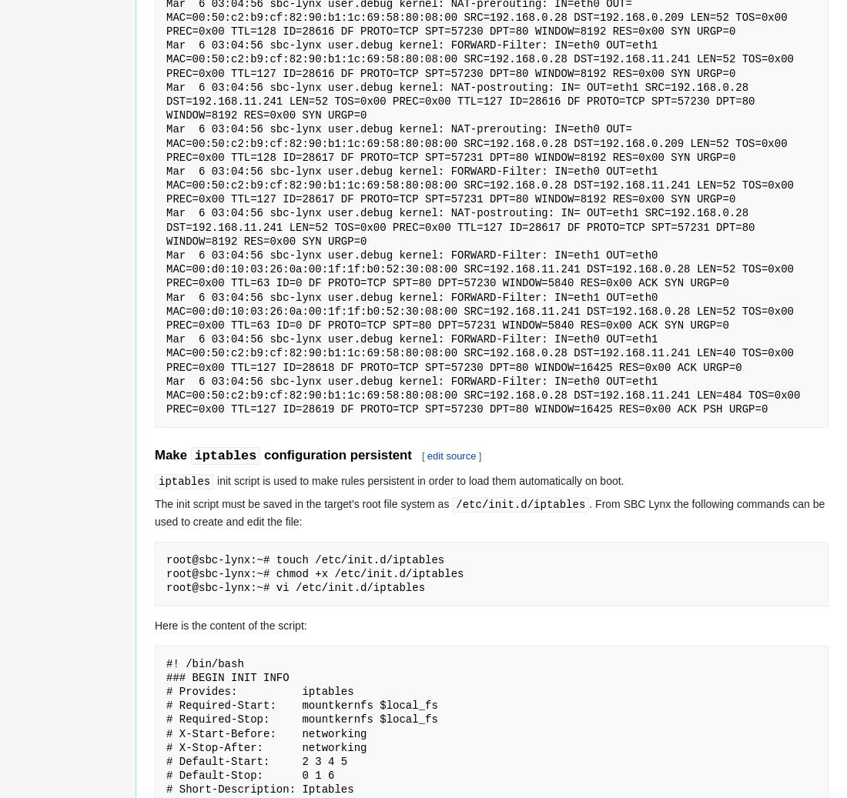 The width and height of the screenshot is (847, 798). Describe the element at coordinates (450, 455) in the screenshot. I see `'edit source'` at that location.